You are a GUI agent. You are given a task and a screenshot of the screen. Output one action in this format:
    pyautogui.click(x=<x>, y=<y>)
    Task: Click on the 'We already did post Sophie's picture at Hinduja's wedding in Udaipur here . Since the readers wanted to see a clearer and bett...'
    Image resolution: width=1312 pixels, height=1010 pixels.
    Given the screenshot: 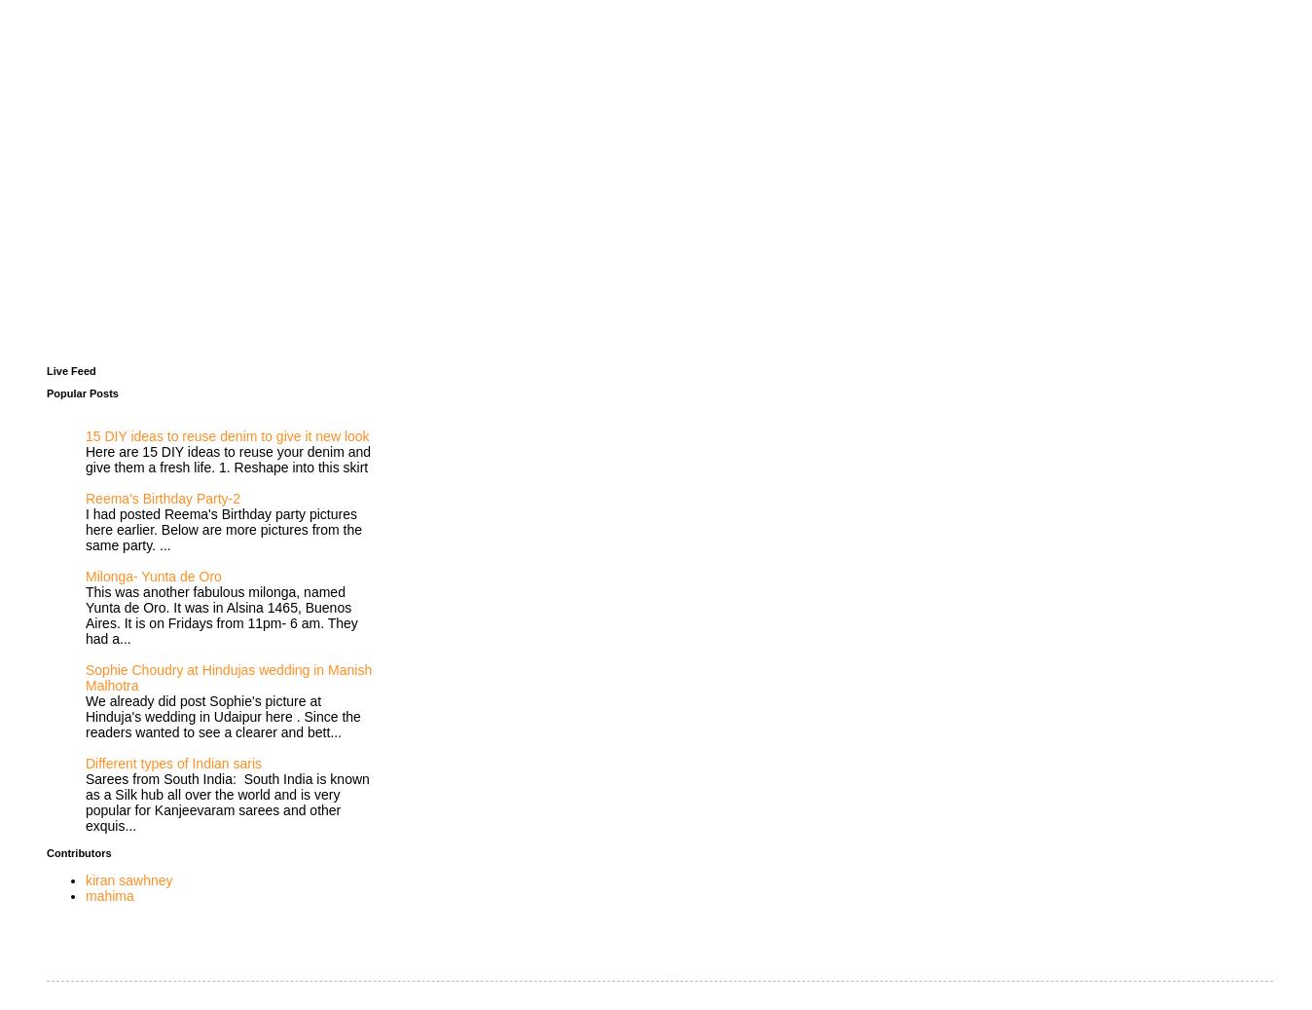 What is the action you would take?
    pyautogui.click(x=223, y=716)
    